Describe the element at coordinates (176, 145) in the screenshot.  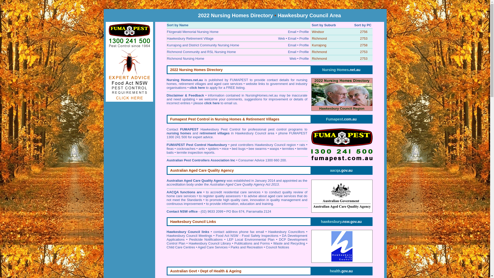
I see `'FUMAPEST'` at that location.